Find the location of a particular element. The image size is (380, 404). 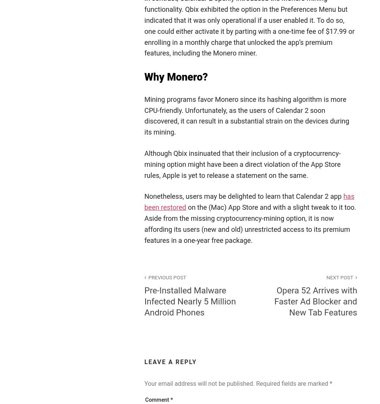

'Comment' is located at coordinates (158, 399).